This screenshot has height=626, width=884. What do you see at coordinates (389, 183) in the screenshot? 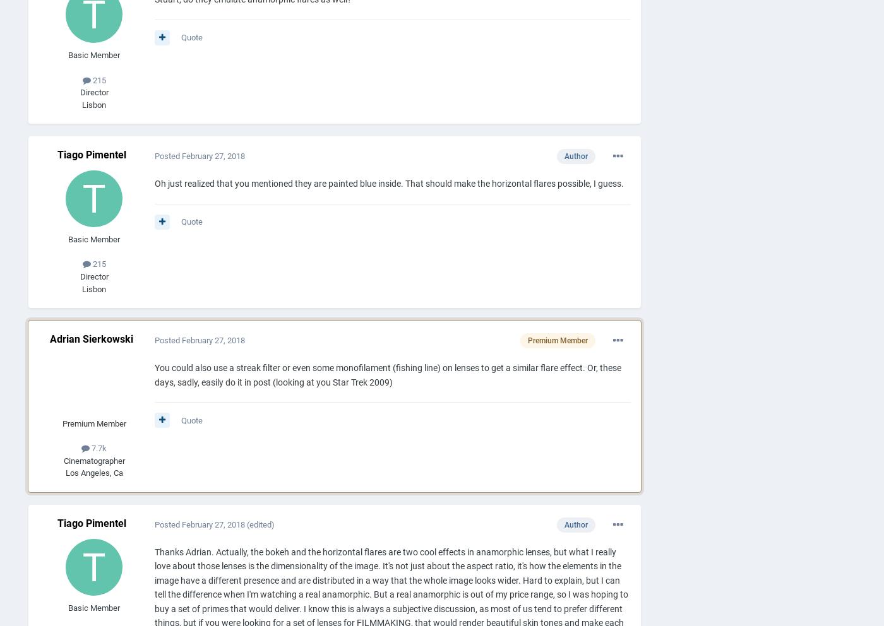
I see `'Oh just realized that you mentioned they are painted blue inside. That should make the horizontal flares possible, I guess.'` at bounding box center [389, 183].